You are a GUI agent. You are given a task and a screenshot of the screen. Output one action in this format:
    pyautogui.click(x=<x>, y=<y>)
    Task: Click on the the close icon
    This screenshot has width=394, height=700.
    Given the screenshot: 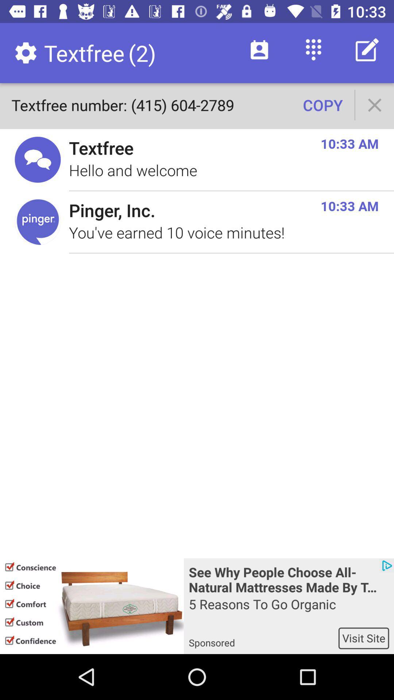 What is the action you would take?
    pyautogui.click(x=375, y=105)
    